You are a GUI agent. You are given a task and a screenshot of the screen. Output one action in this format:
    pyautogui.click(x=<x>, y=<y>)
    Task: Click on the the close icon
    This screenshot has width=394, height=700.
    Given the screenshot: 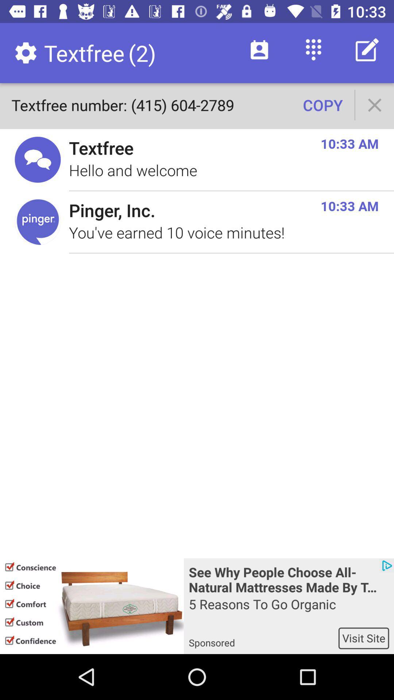 What is the action you would take?
    pyautogui.click(x=375, y=105)
    